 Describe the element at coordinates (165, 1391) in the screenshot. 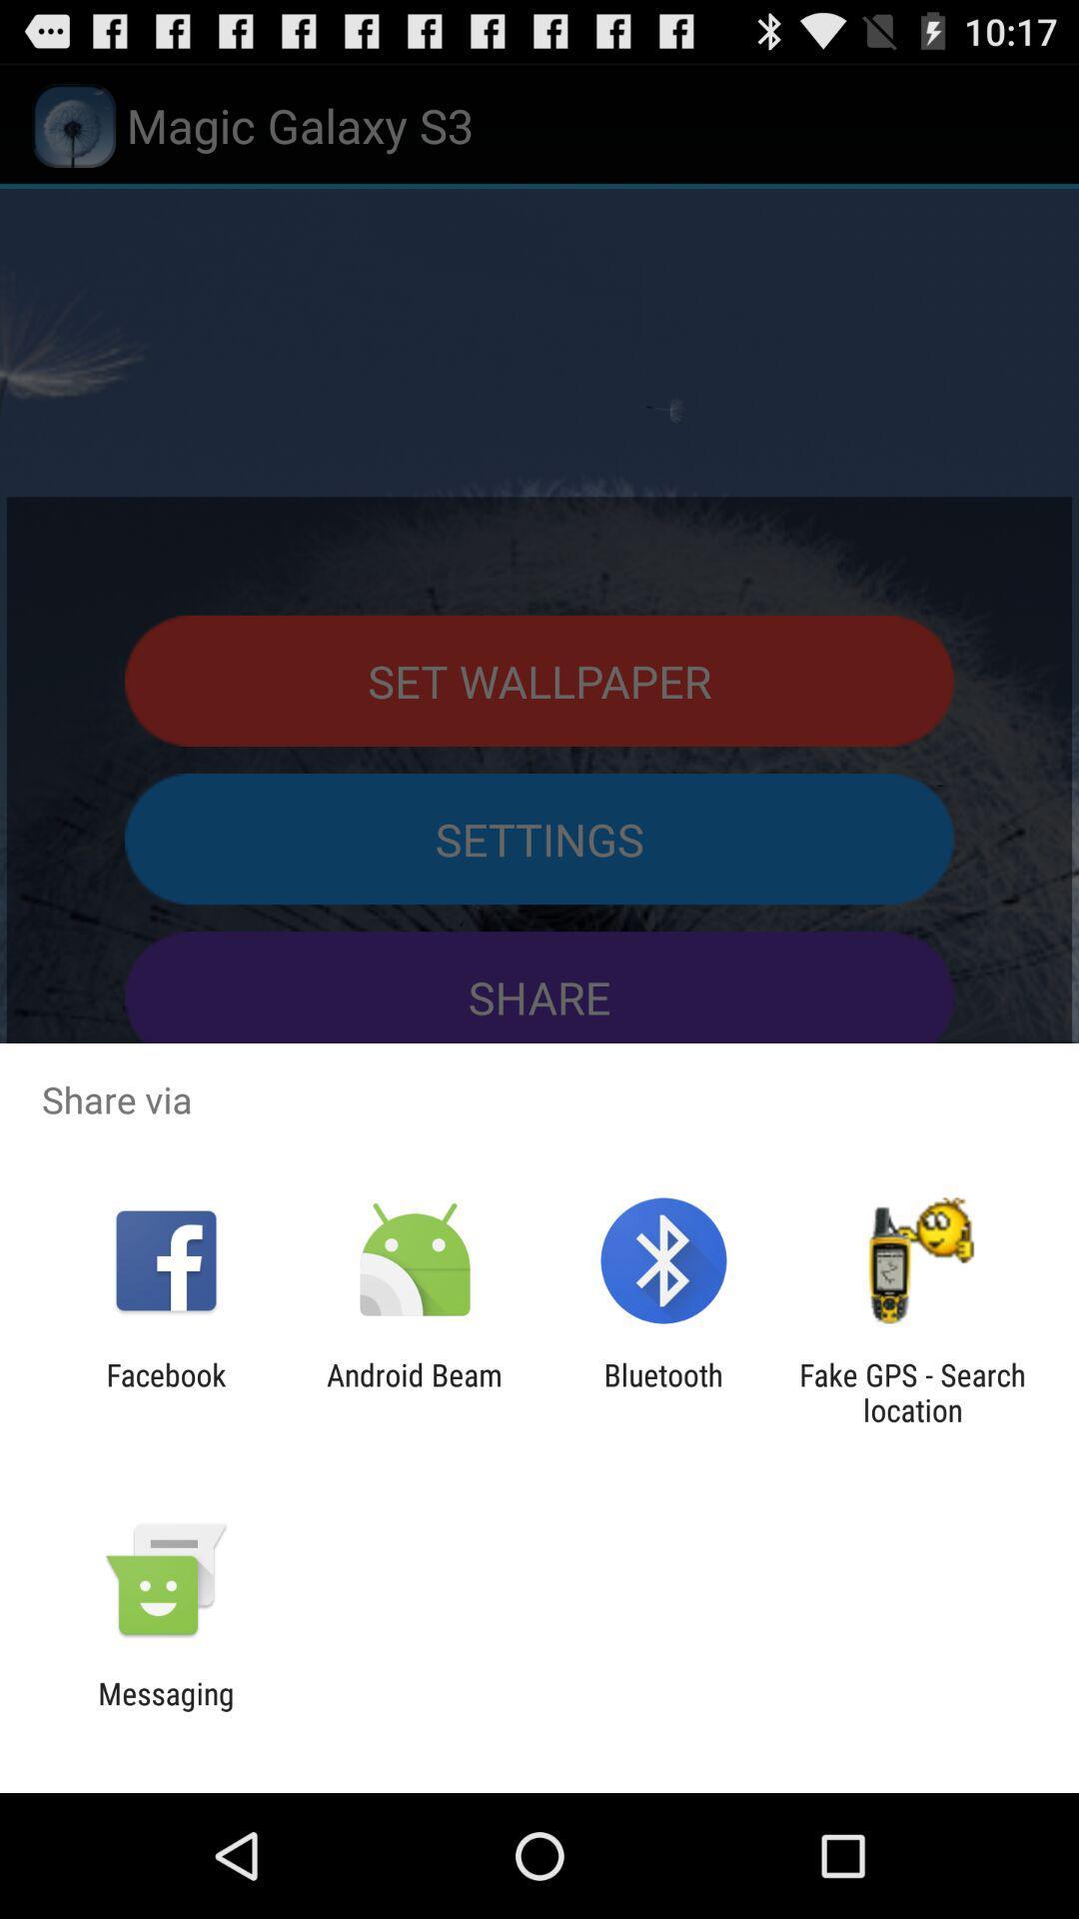

I see `app next to the android beam` at that location.